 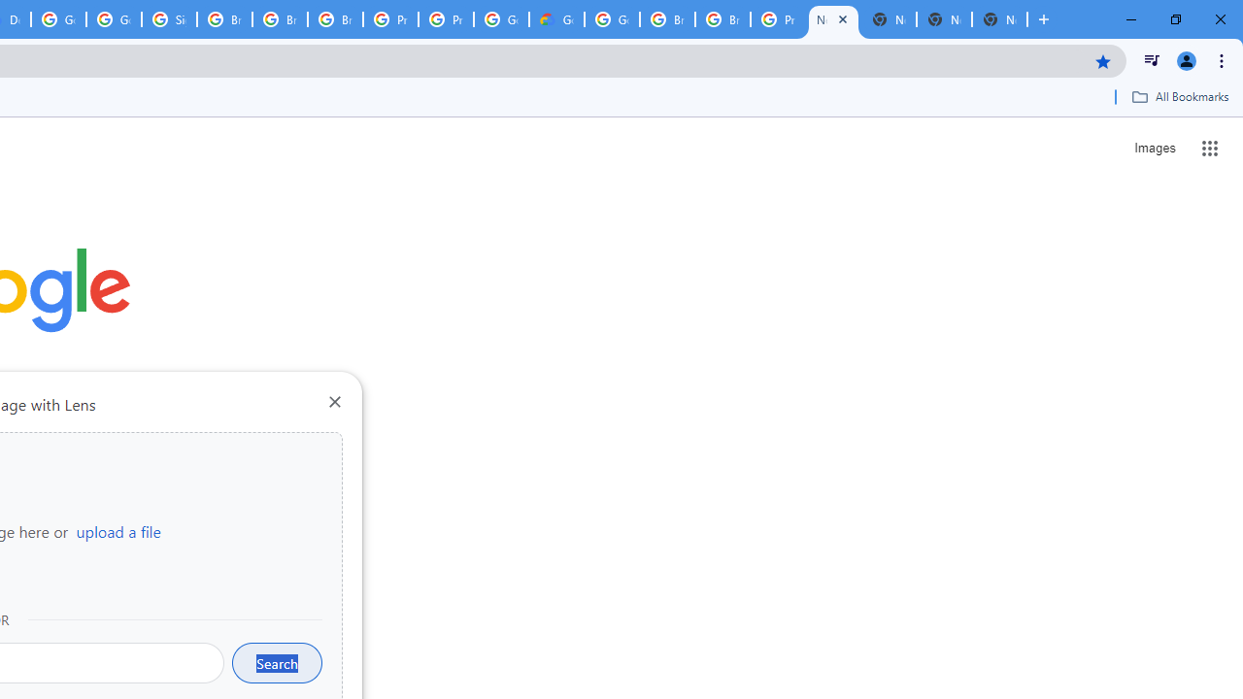 I want to click on 'Google Cloud Estimate Summary', so click(x=555, y=19).